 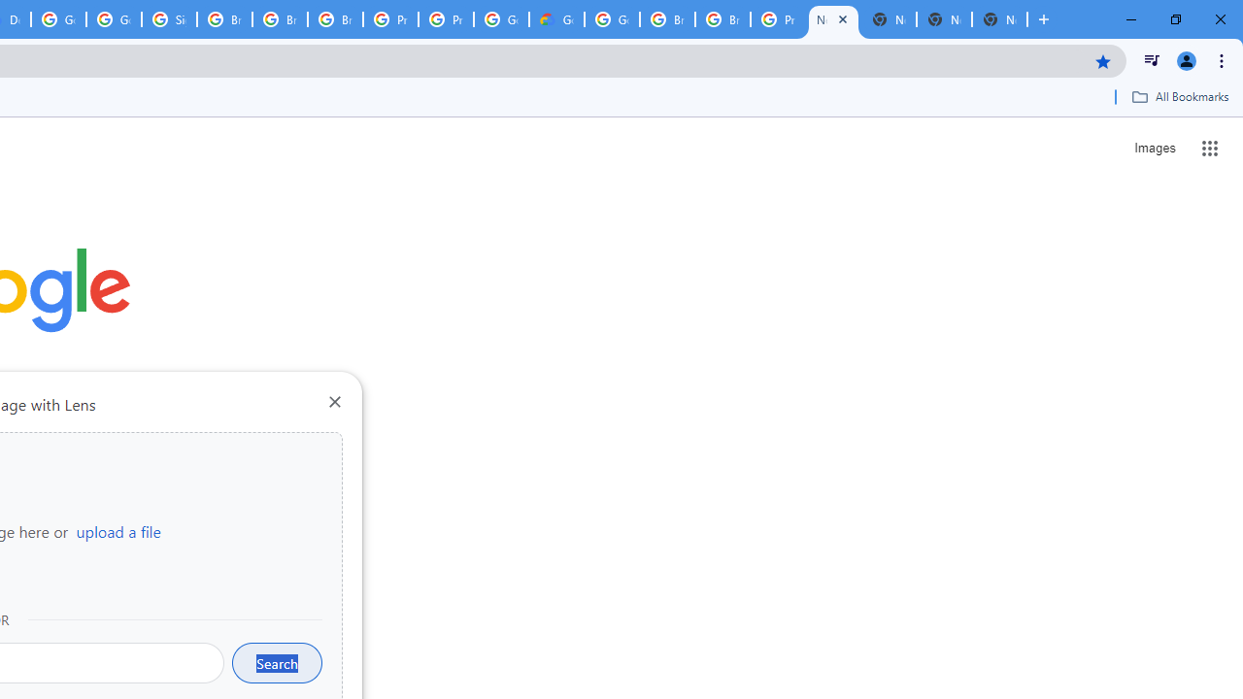 I want to click on 'Google Cloud Estimate Summary', so click(x=555, y=19).